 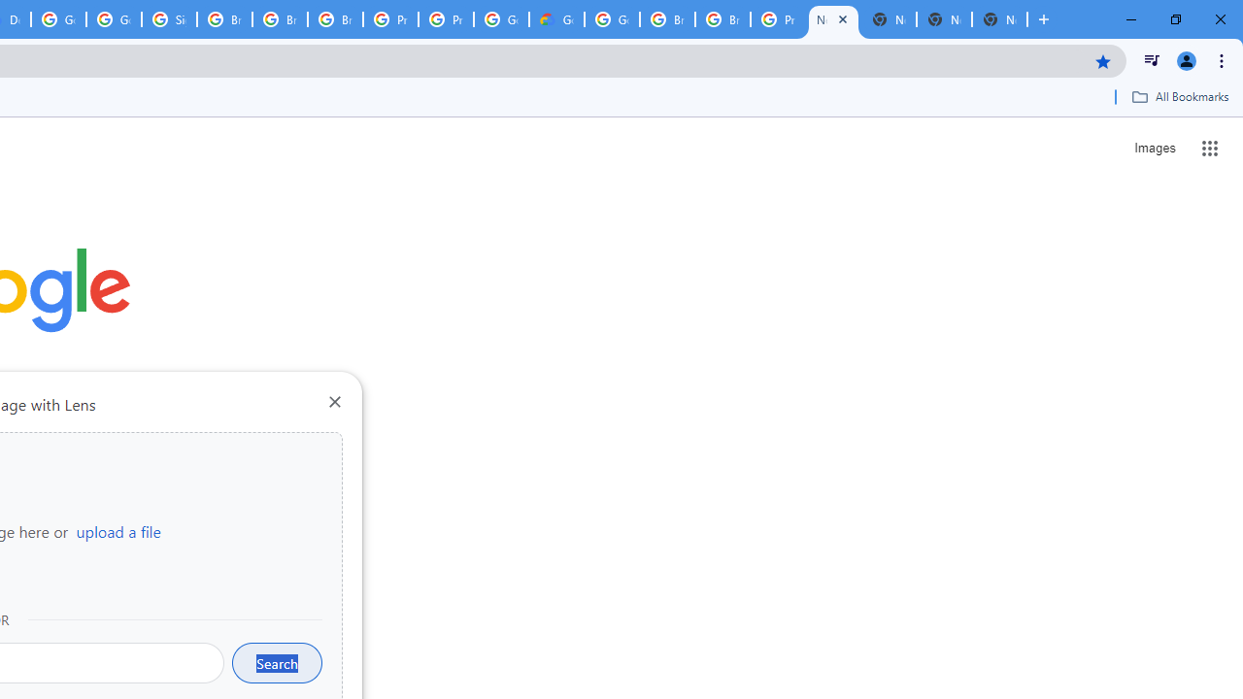 I want to click on 'Google Cloud Estimate Summary', so click(x=555, y=19).